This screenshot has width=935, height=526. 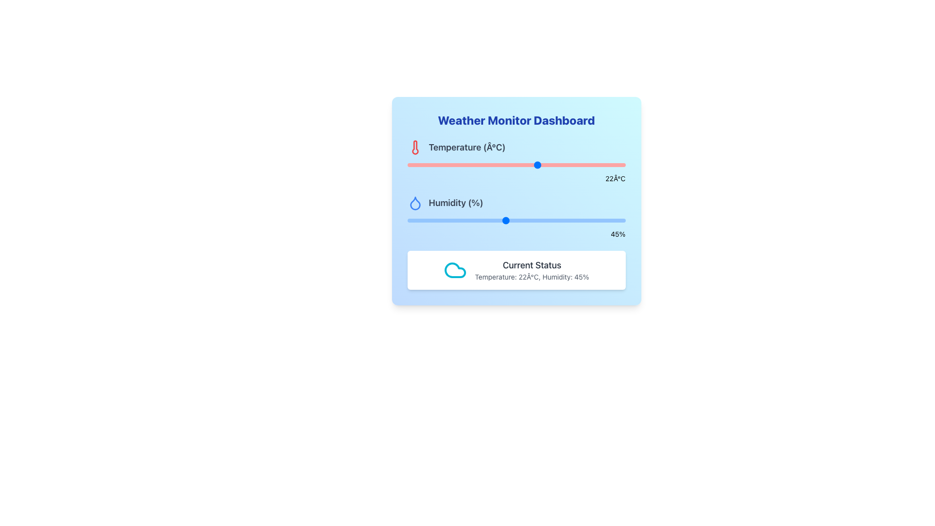 What do you see at coordinates (415, 148) in the screenshot?
I see `the temperature icon located to the left of the 'Temperature (°C)' label within the 'Weather Monitor Dashboard'` at bounding box center [415, 148].